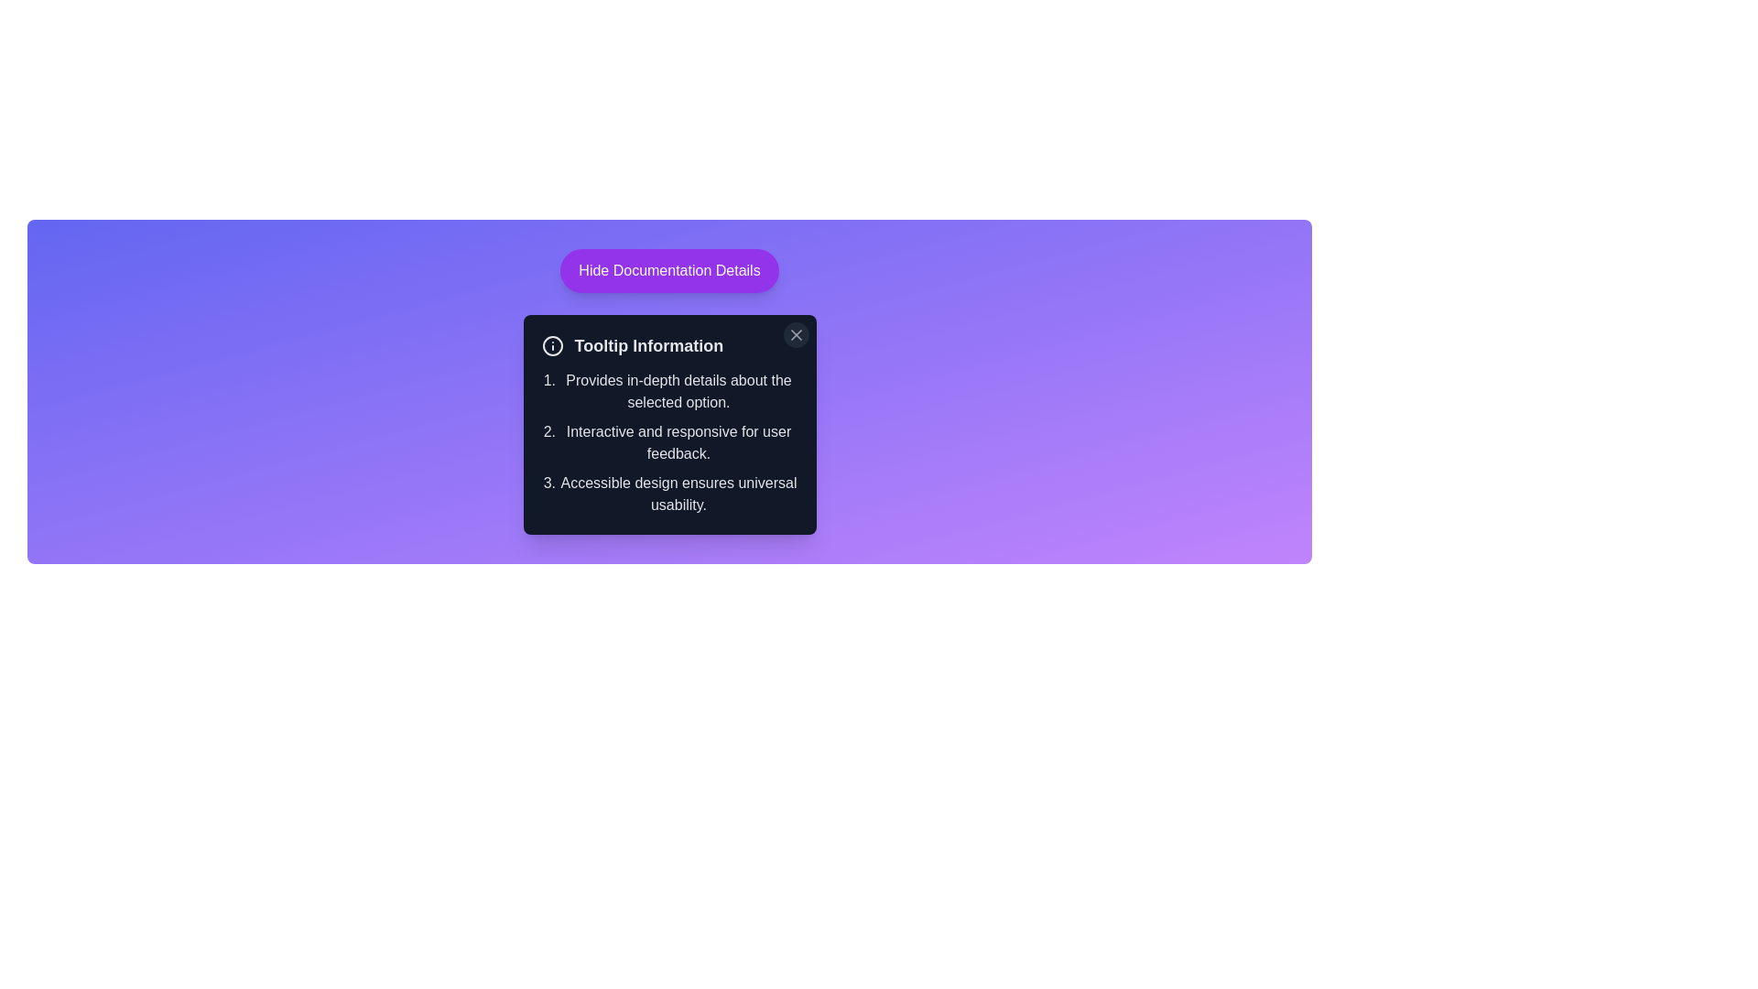  What do you see at coordinates (678, 494) in the screenshot?
I see `tooltip text that emphasizes the importance of accessible design, located at the center of the tooltip box` at bounding box center [678, 494].